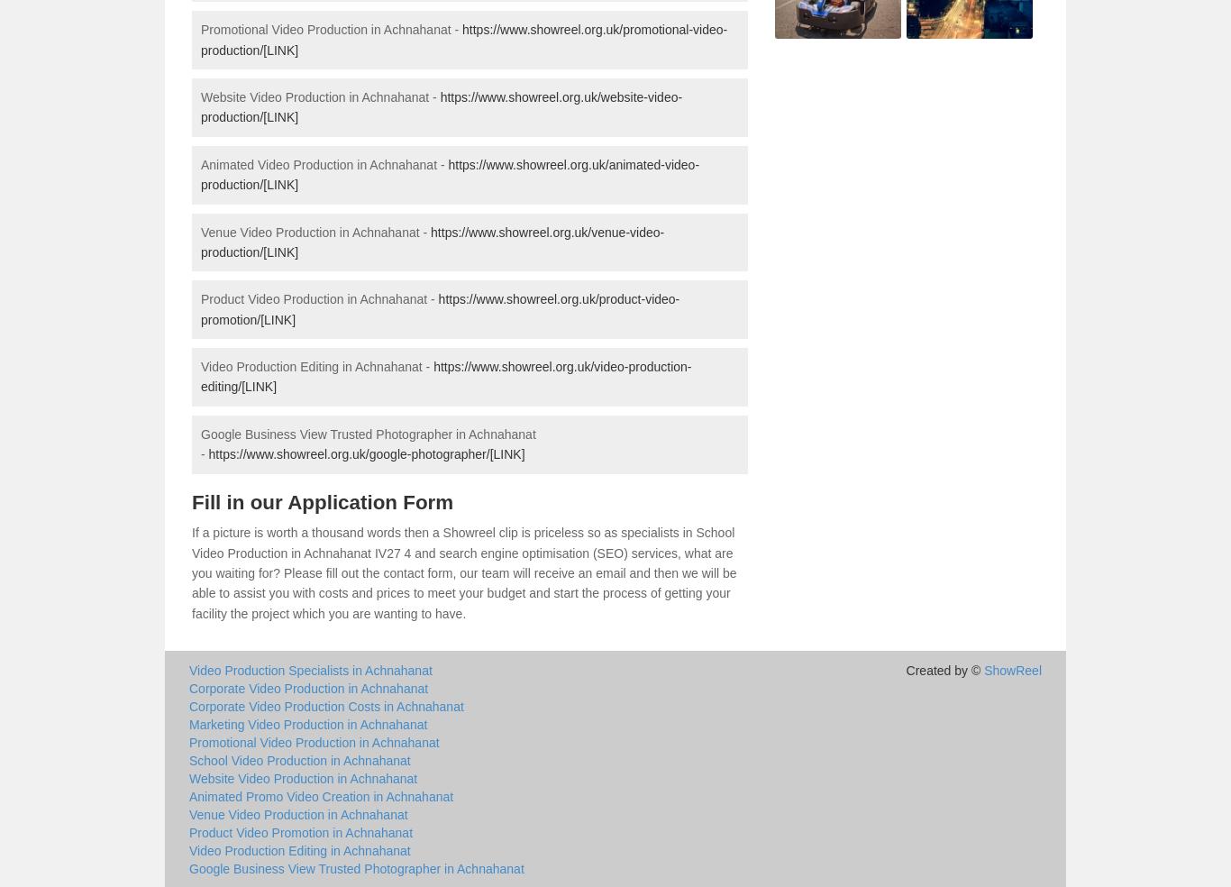  I want to click on 'https://www.showreel.org.uk/venue-video-production/[LINK]', so click(200, 241).